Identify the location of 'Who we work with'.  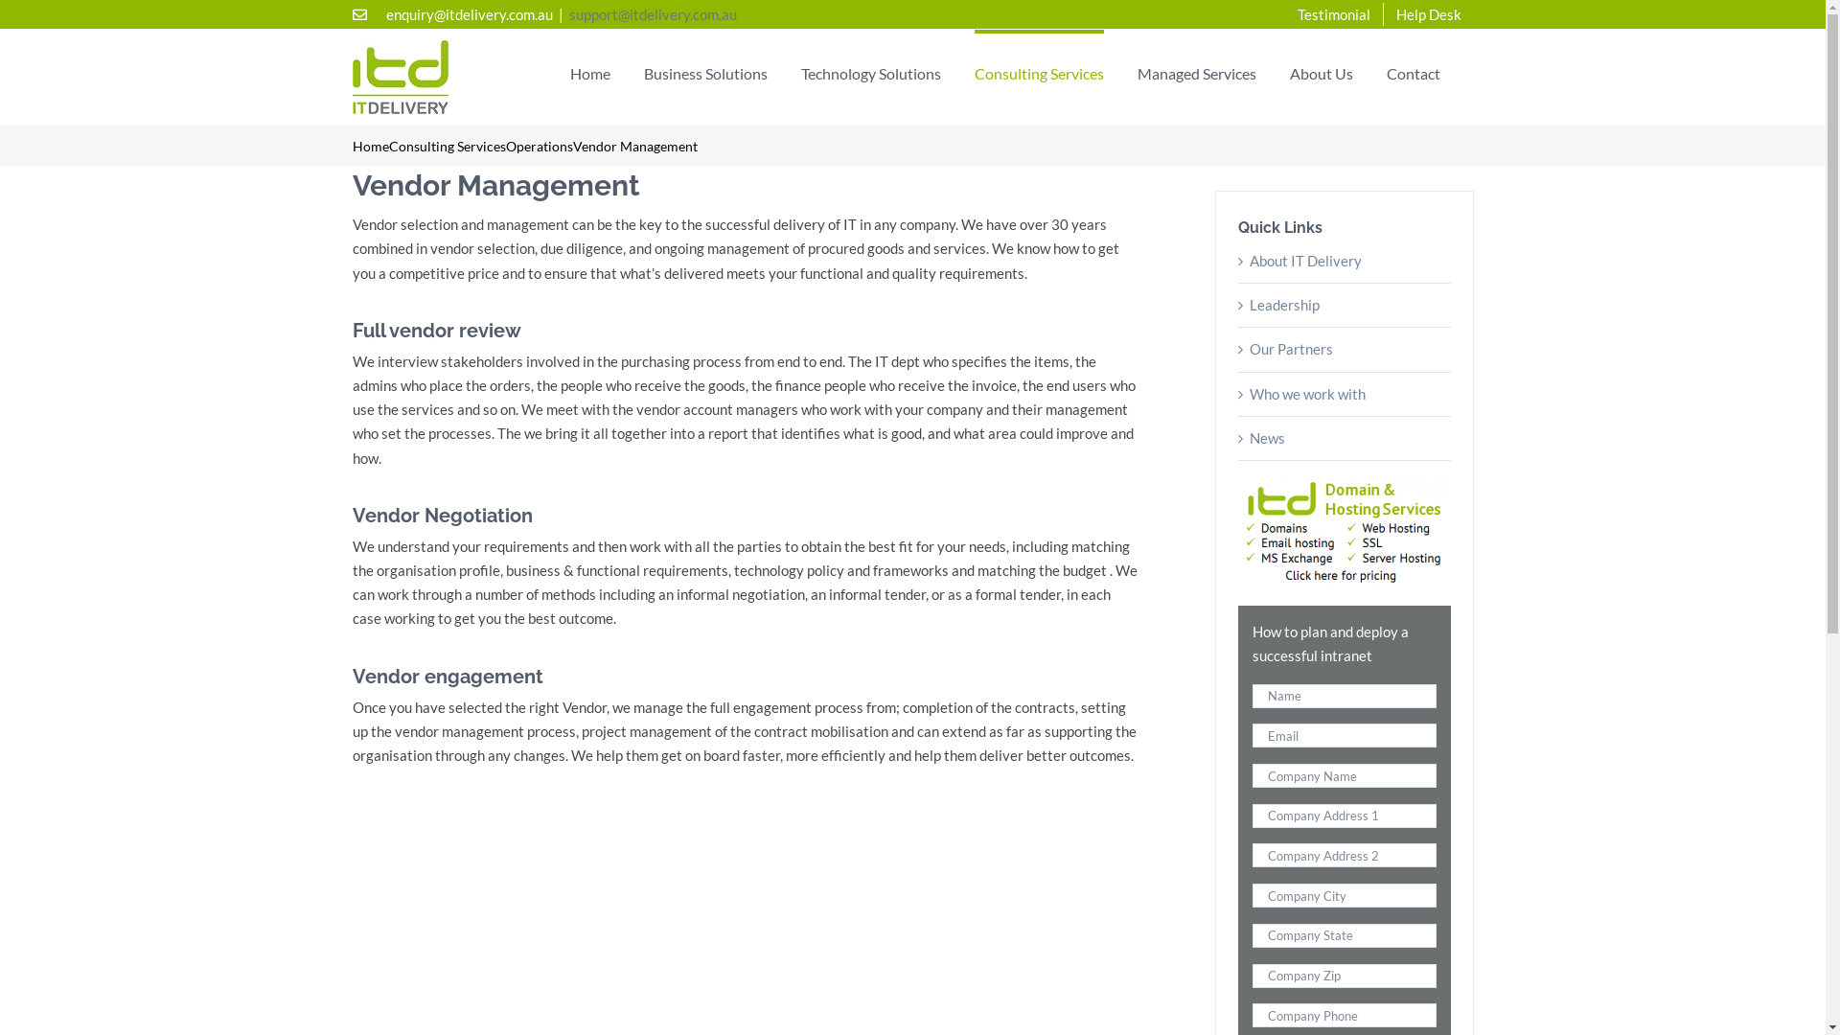
(1306, 393).